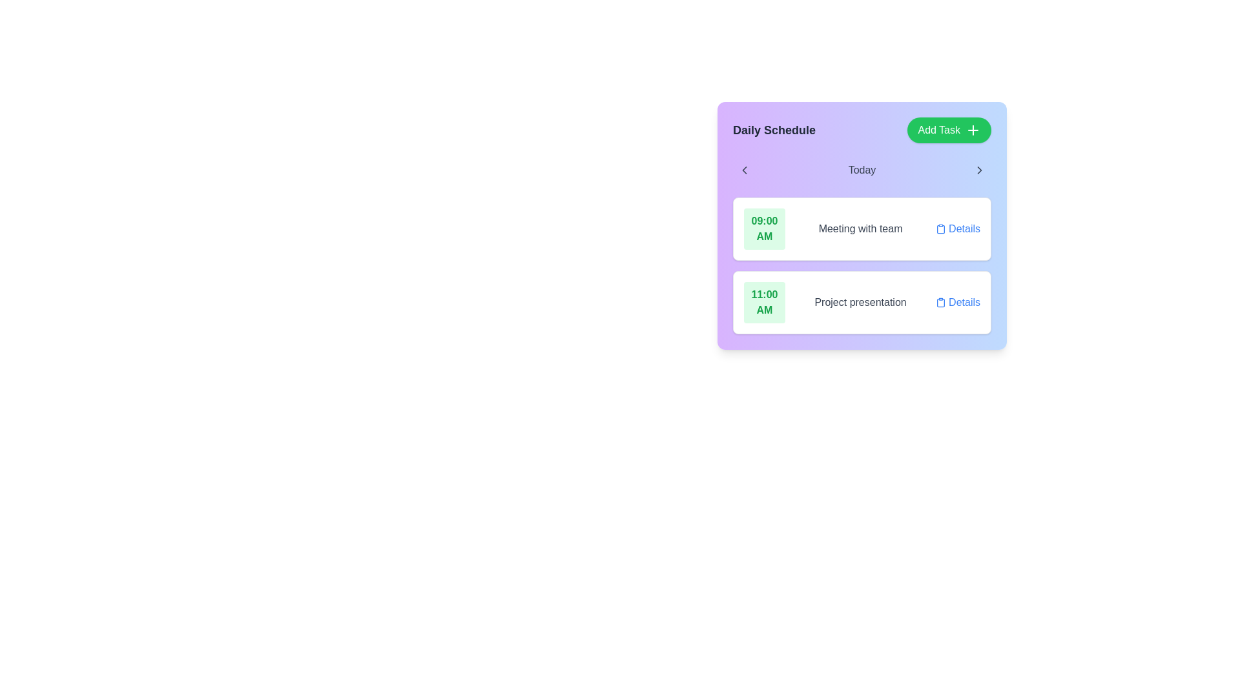  Describe the element at coordinates (744, 169) in the screenshot. I see `the Chevron icon button located in the top-left corner of the 'Daily Schedule' box` at that location.